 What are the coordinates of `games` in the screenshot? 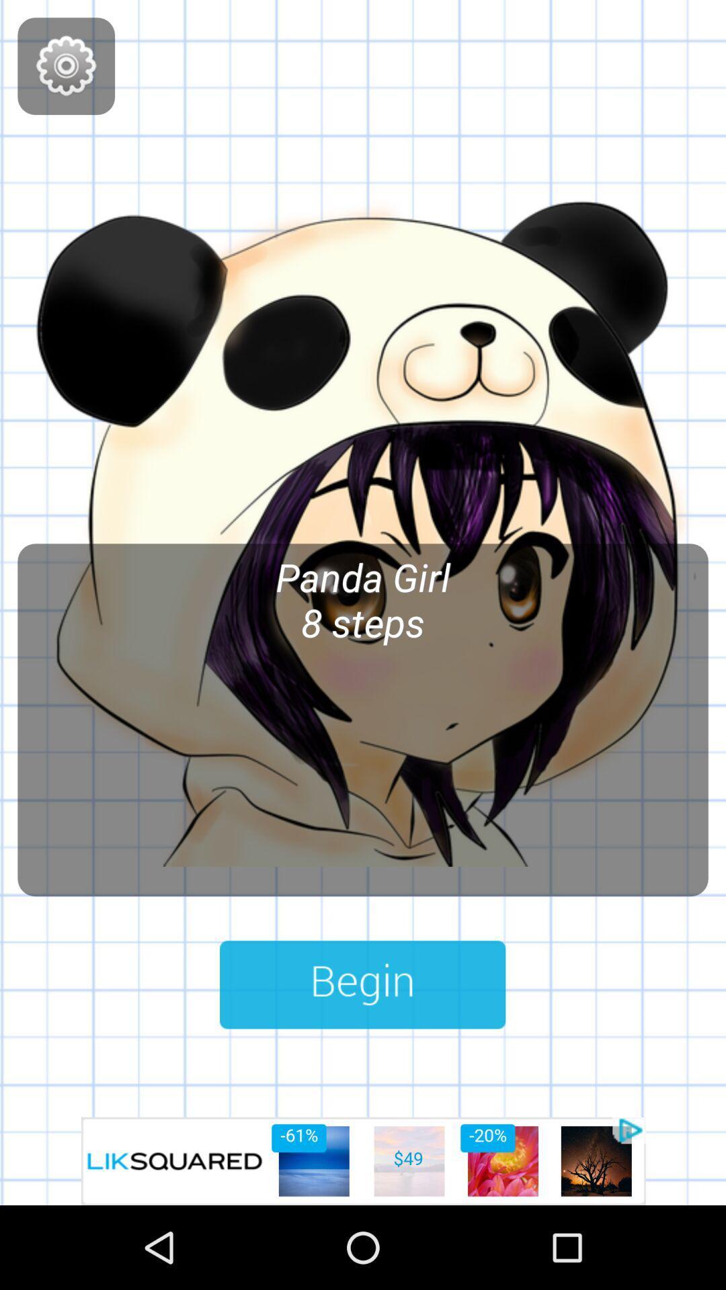 It's located at (66, 65).